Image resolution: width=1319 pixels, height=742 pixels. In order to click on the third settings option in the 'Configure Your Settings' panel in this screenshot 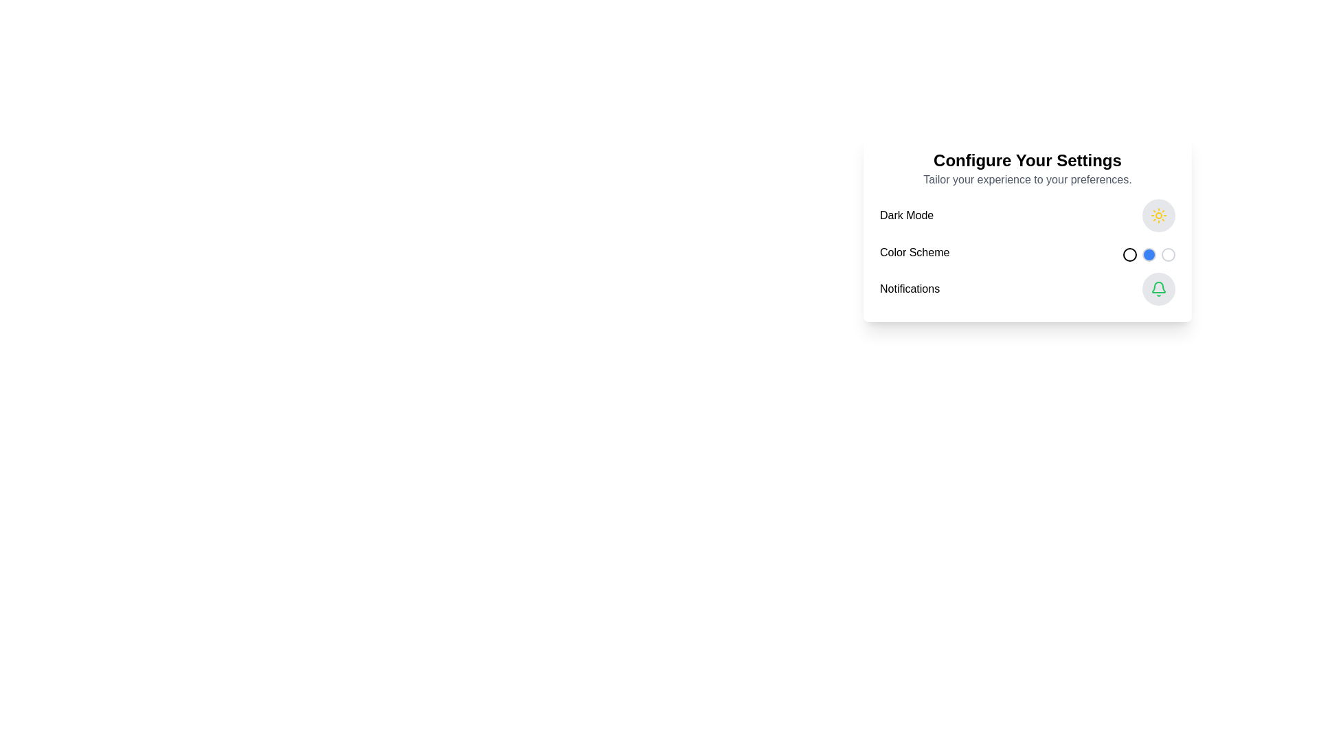, I will do `click(1028, 288)`.